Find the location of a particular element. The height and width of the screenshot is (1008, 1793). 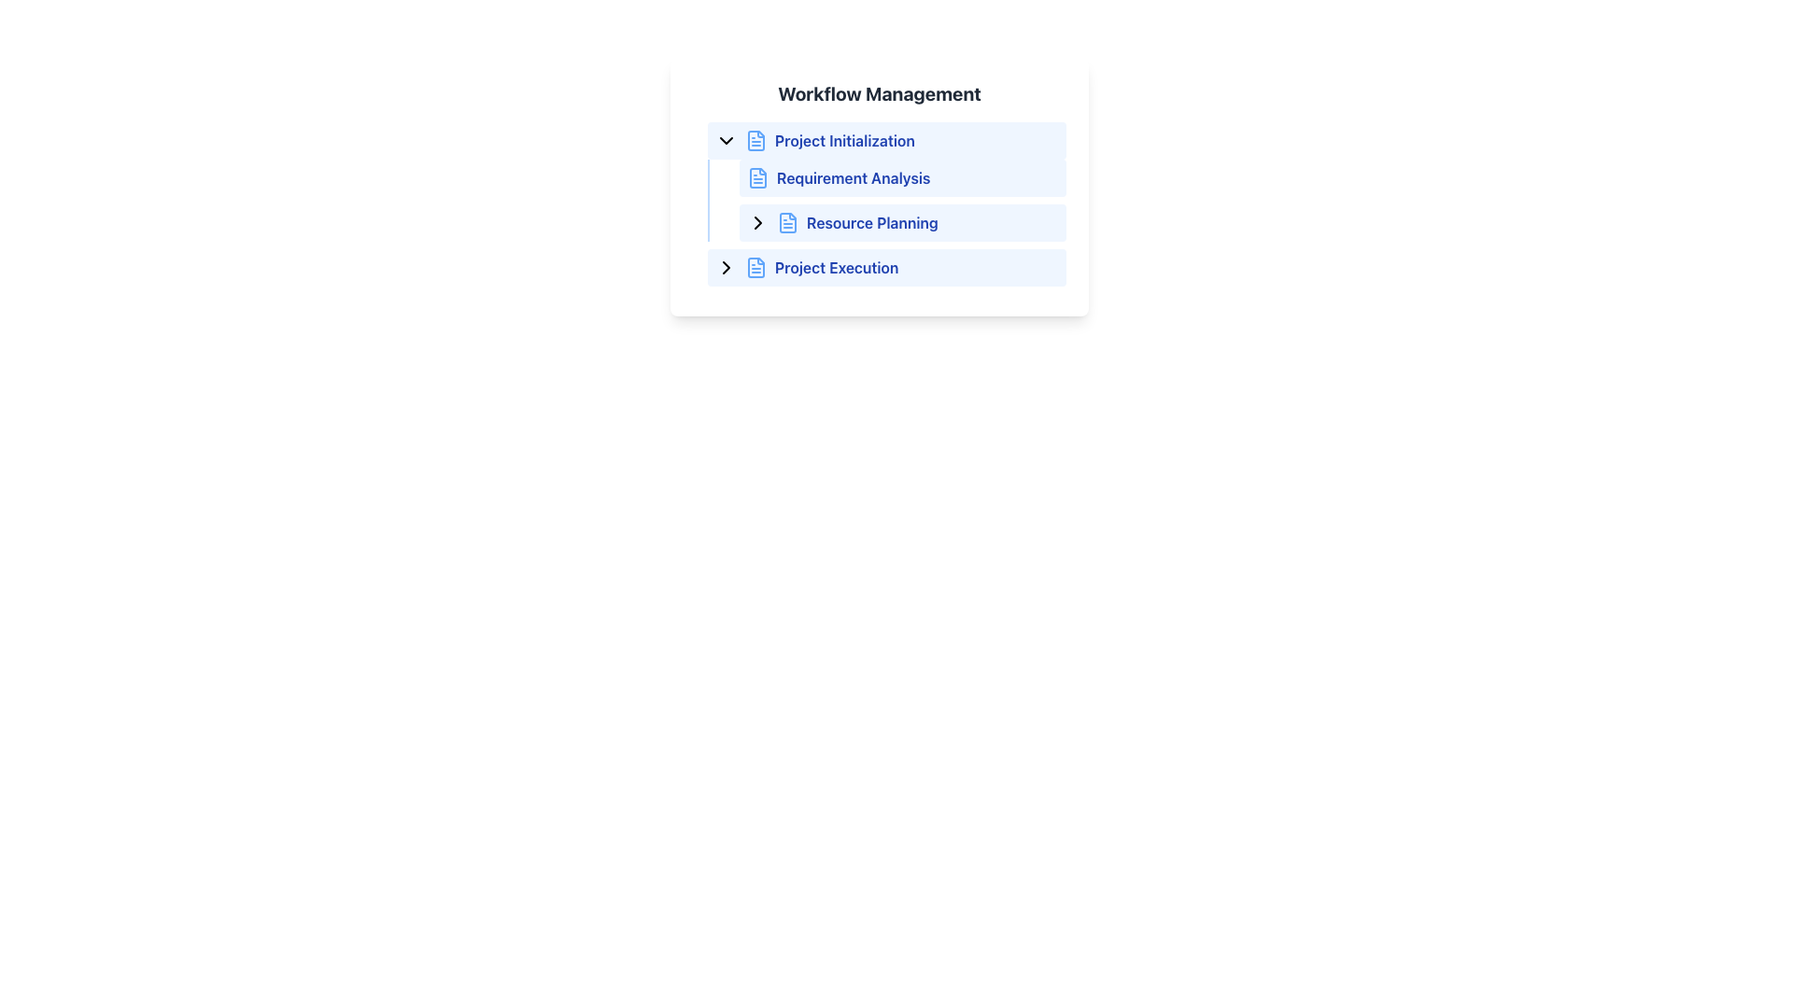

the text label 'Resource Planning' located in the blue-tinted rectangular area within the 'Workflow Management' panel under the 'Requirement Analysis' section is located at coordinates (871, 222).